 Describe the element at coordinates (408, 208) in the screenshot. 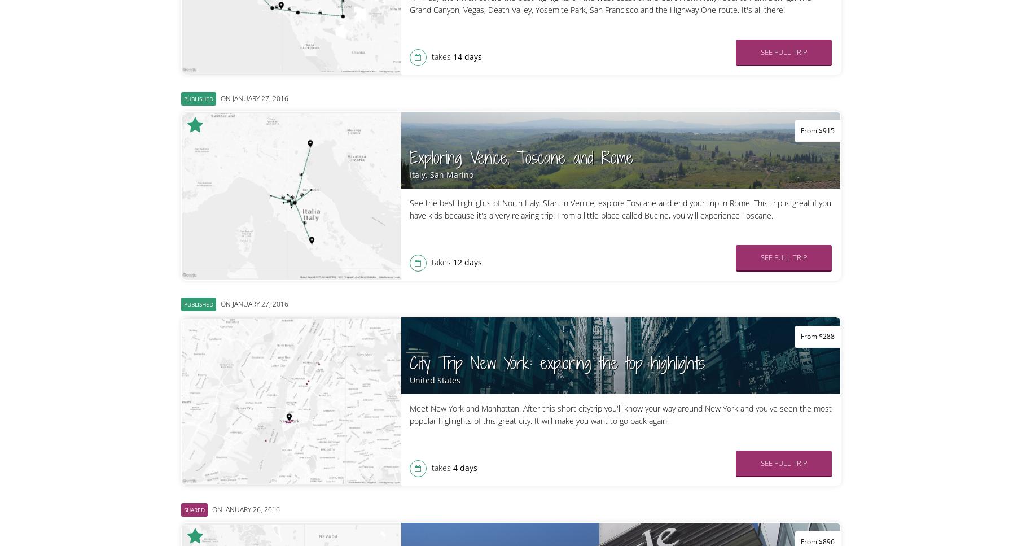

I see `'See the best highlights of North Italy. Start in Venice, explore Toscane and end your trip in Rome. This trip is great if you have kids because it's a very relaxing trip. From a little place called Bucine, you will experience Toscane.'` at that location.